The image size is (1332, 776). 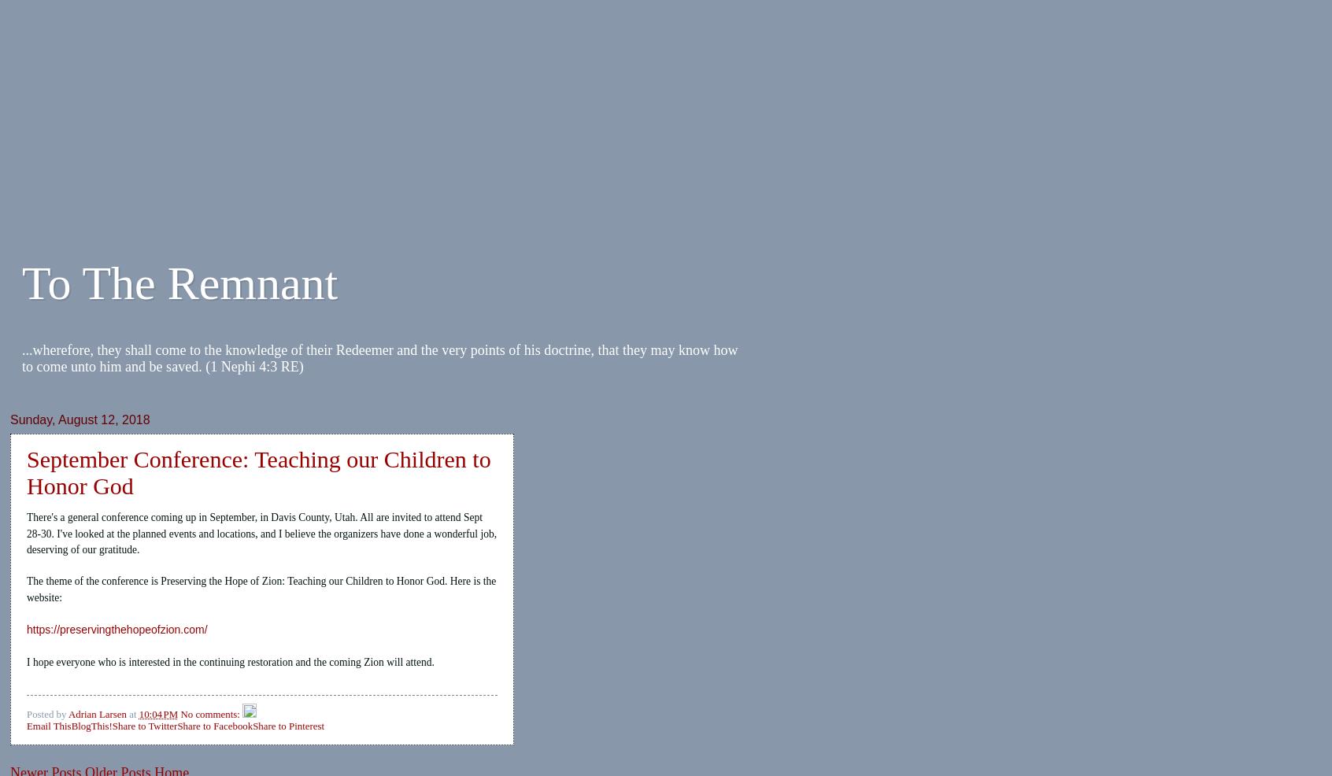 What do you see at coordinates (177, 726) in the screenshot?
I see `'Share to Facebook'` at bounding box center [177, 726].